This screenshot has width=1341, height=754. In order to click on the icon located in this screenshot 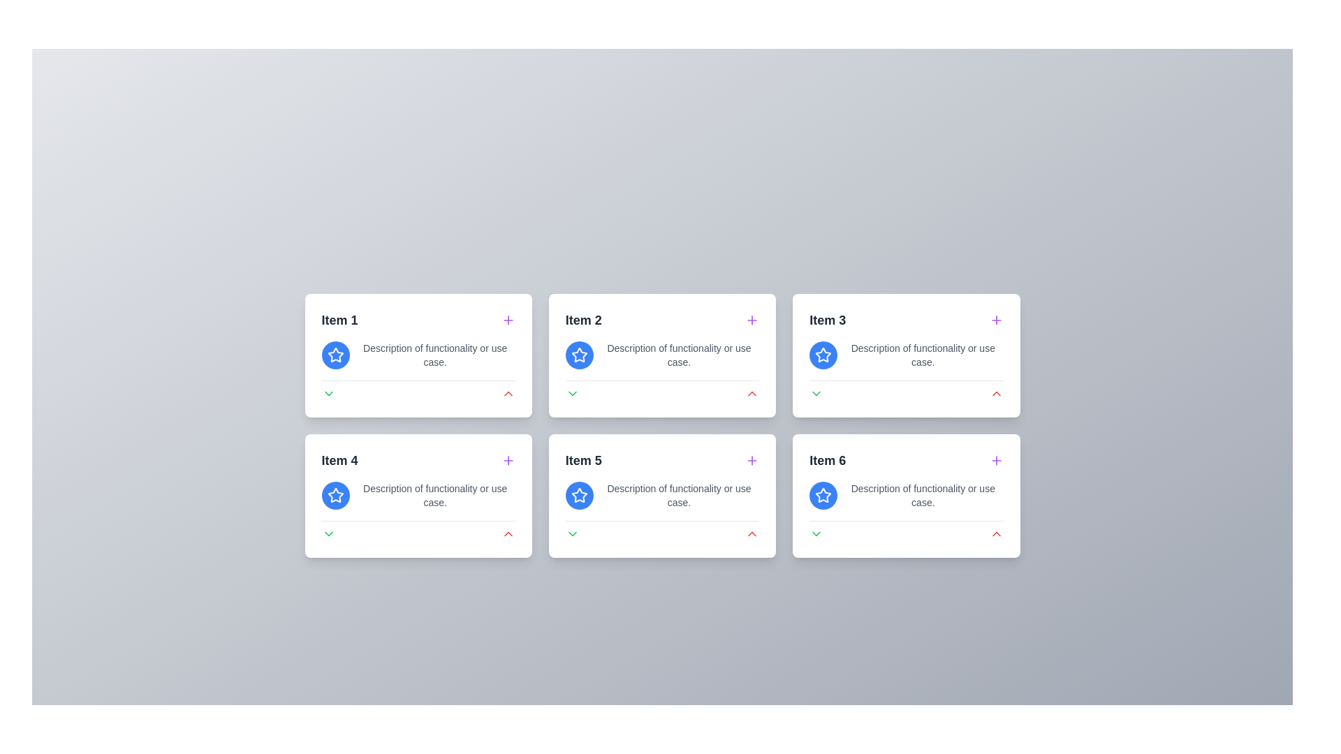, I will do `click(579, 355)`.